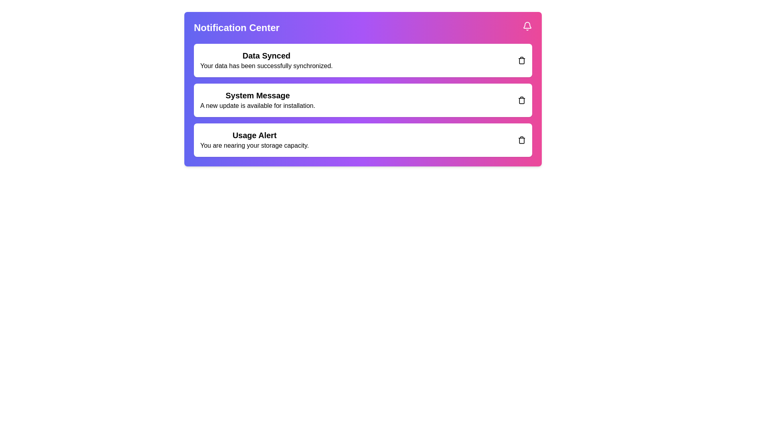 This screenshot has width=766, height=430. What do you see at coordinates (522, 60) in the screenshot?
I see `the delete button for the 'Data Synced' notification located at the far-right side of the uppermost notification row` at bounding box center [522, 60].